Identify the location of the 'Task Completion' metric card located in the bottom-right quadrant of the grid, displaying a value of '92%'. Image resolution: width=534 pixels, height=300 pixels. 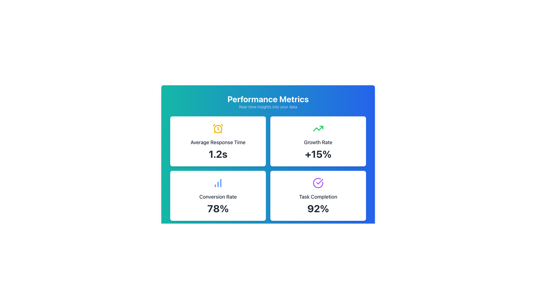
(318, 196).